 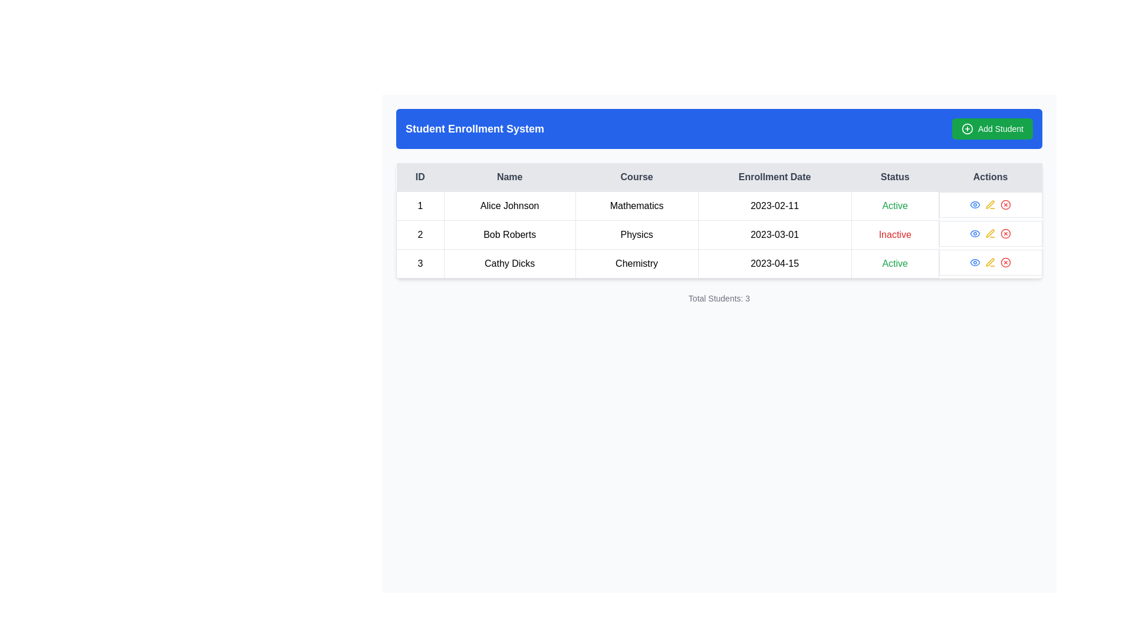 What do you see at coordinates (990, 204) in the screenshot?
I see `the pen icon button located in the 'Actions' column of the second row to initiate editing` at bounding box center [990, 204].